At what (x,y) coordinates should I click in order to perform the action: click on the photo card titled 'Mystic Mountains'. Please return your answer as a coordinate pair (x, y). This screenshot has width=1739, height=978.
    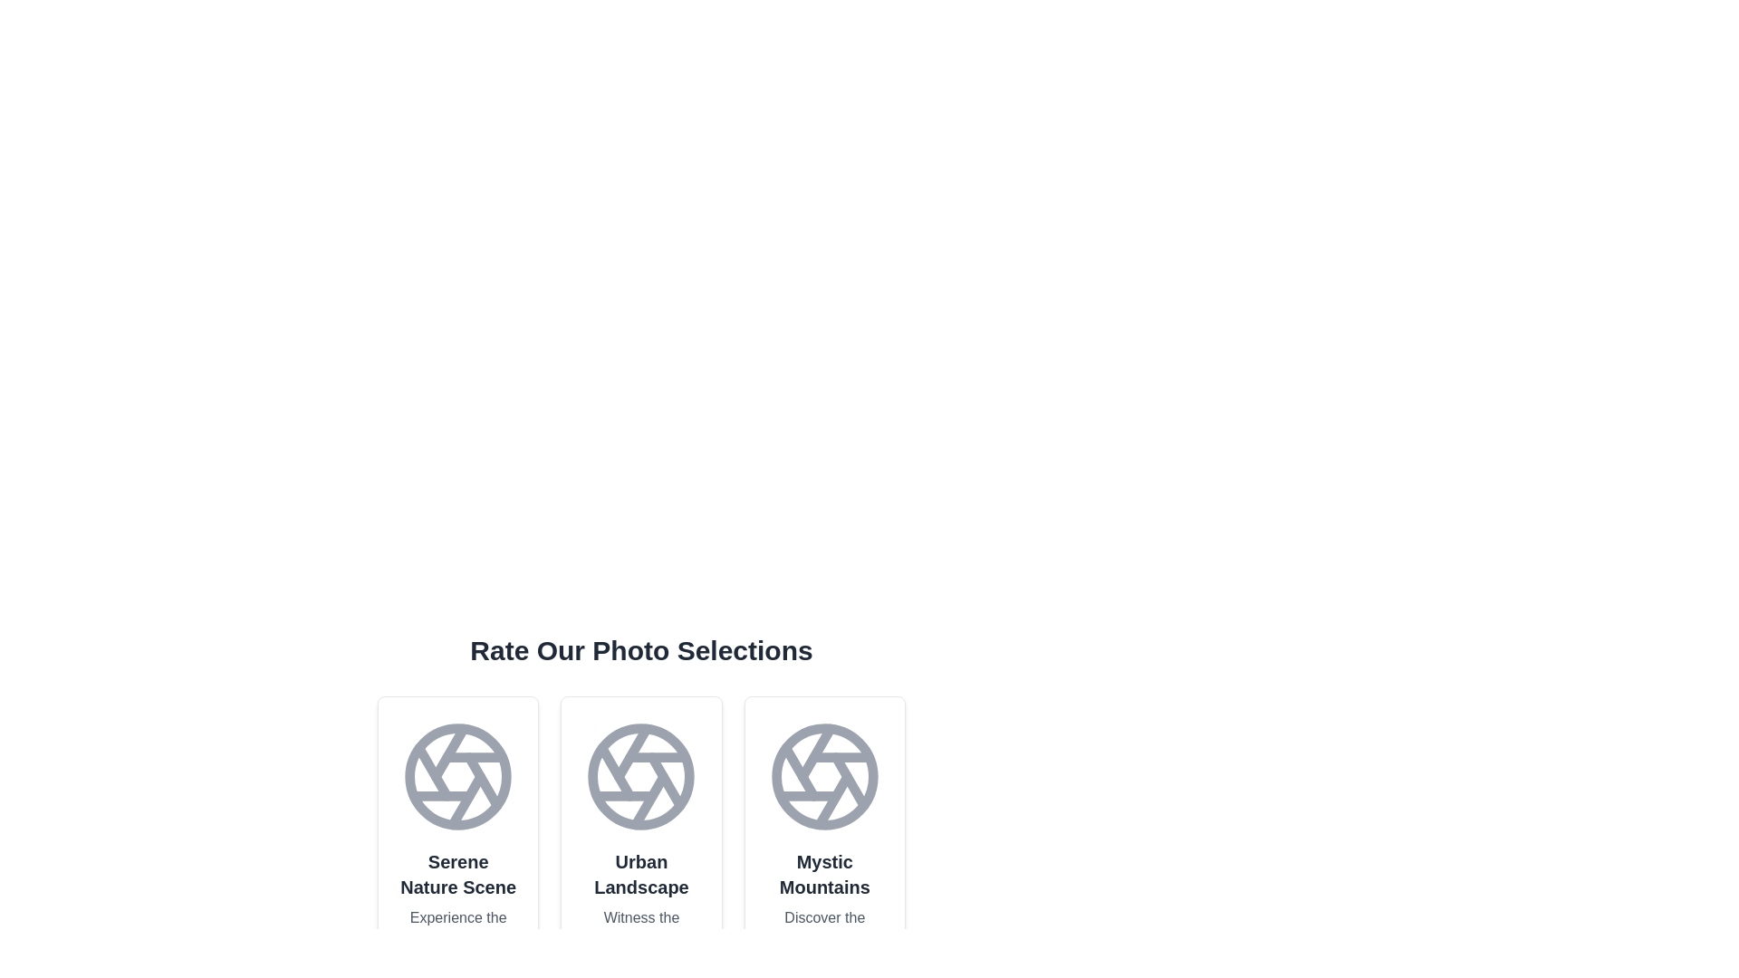
    Looking at the image, I should click on (823, 866).